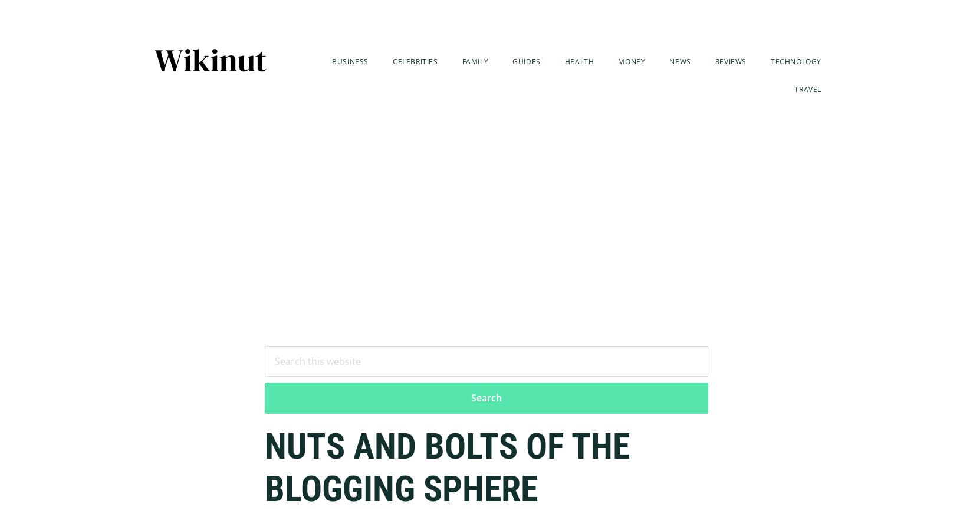 This screenshot has height=517, width=973. I want to click on 'Money', so click(632, 61).